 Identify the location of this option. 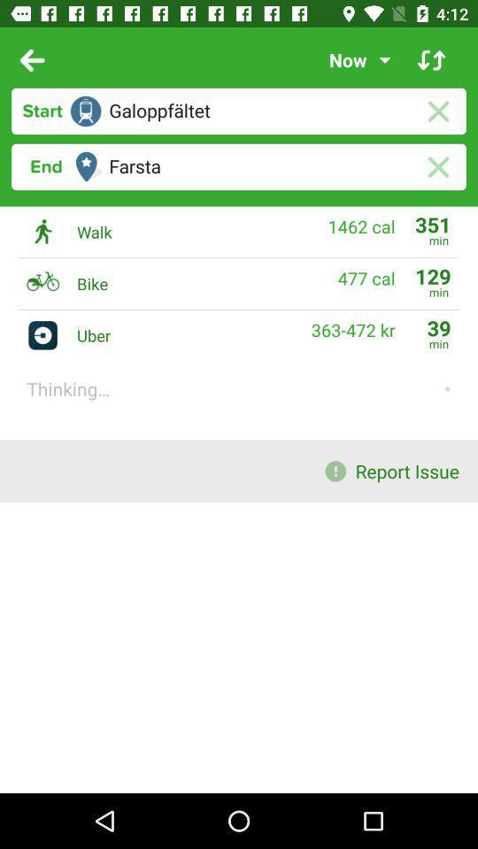
(437, 167).